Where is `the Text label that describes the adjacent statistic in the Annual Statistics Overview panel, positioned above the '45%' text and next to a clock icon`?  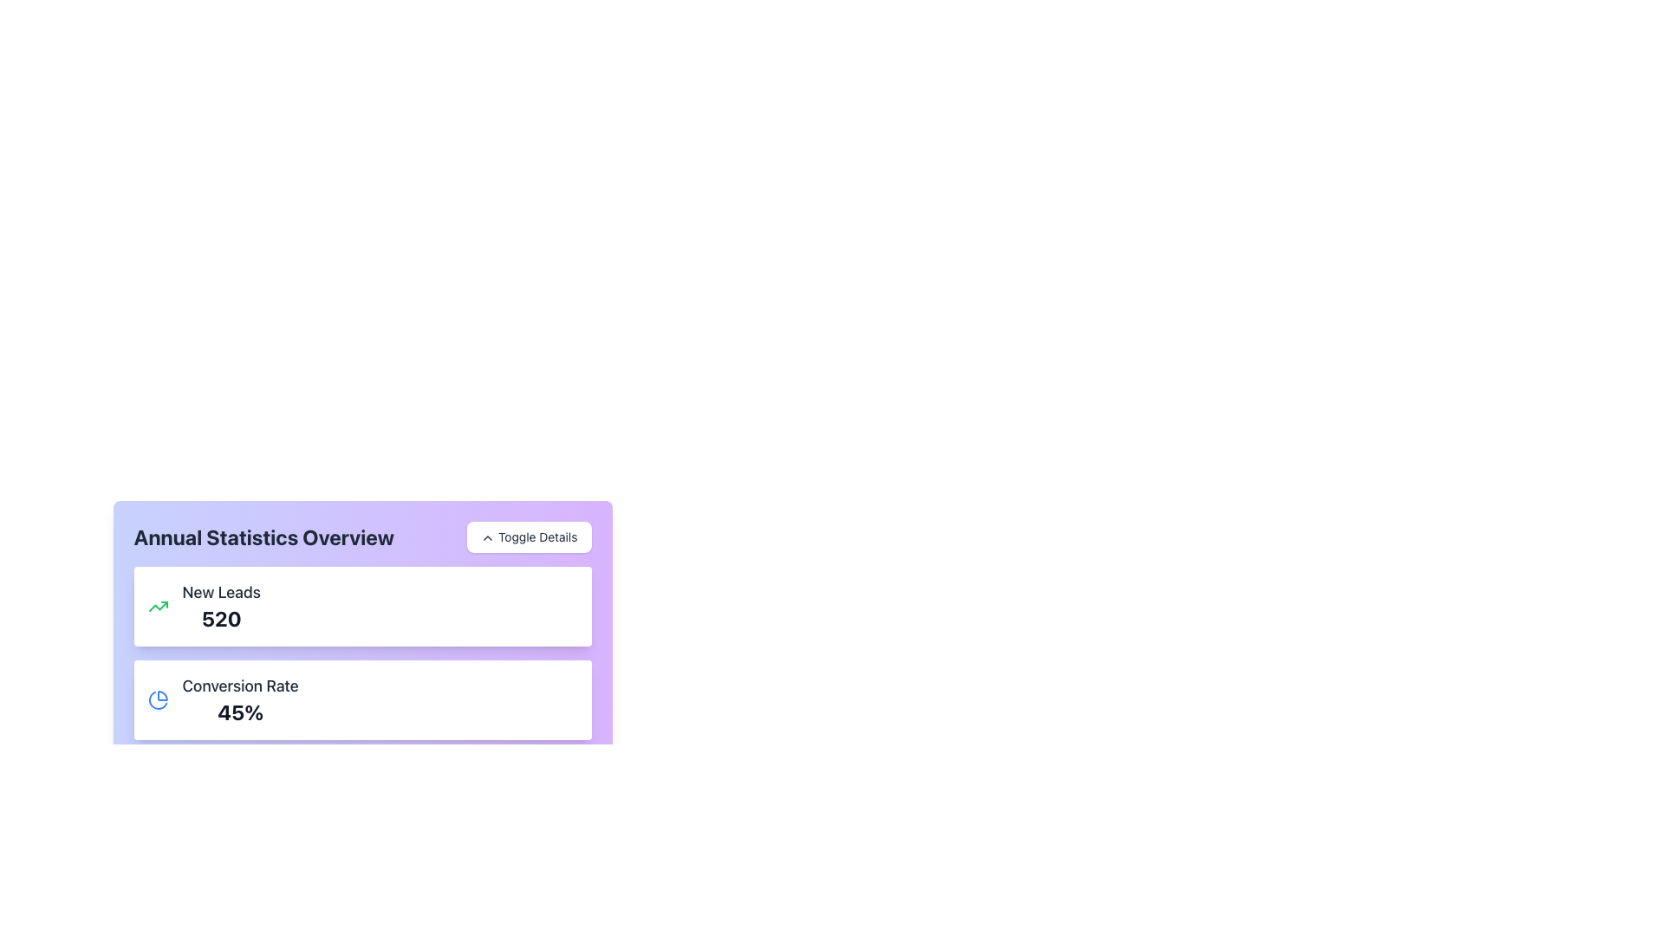
the Text label that describes the adjacent statistic in the Annual Statistics Overview panel, positioned above the '45%' text and next to a clock icon is located at coordinates (239, 685).